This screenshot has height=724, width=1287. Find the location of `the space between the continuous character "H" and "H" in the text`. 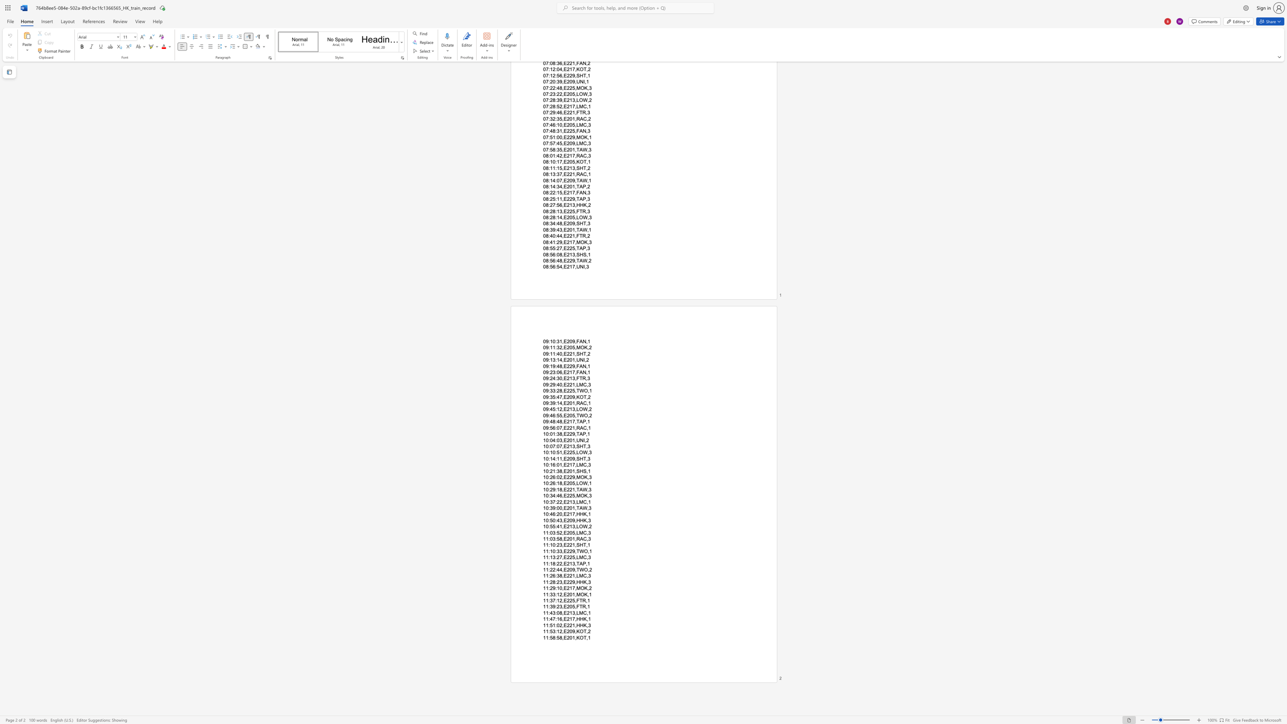

the space between the continuous character "H" and "H" in the text is located at coordinates (580, 582).